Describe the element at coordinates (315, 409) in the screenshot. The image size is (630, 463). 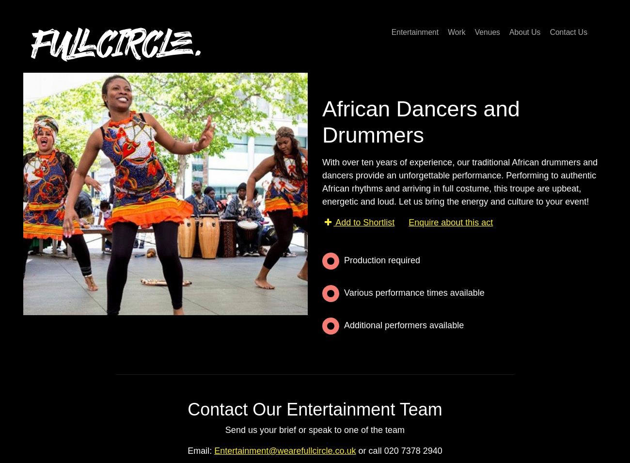
I see `'Contact Our Entertainment Team'` at that location.